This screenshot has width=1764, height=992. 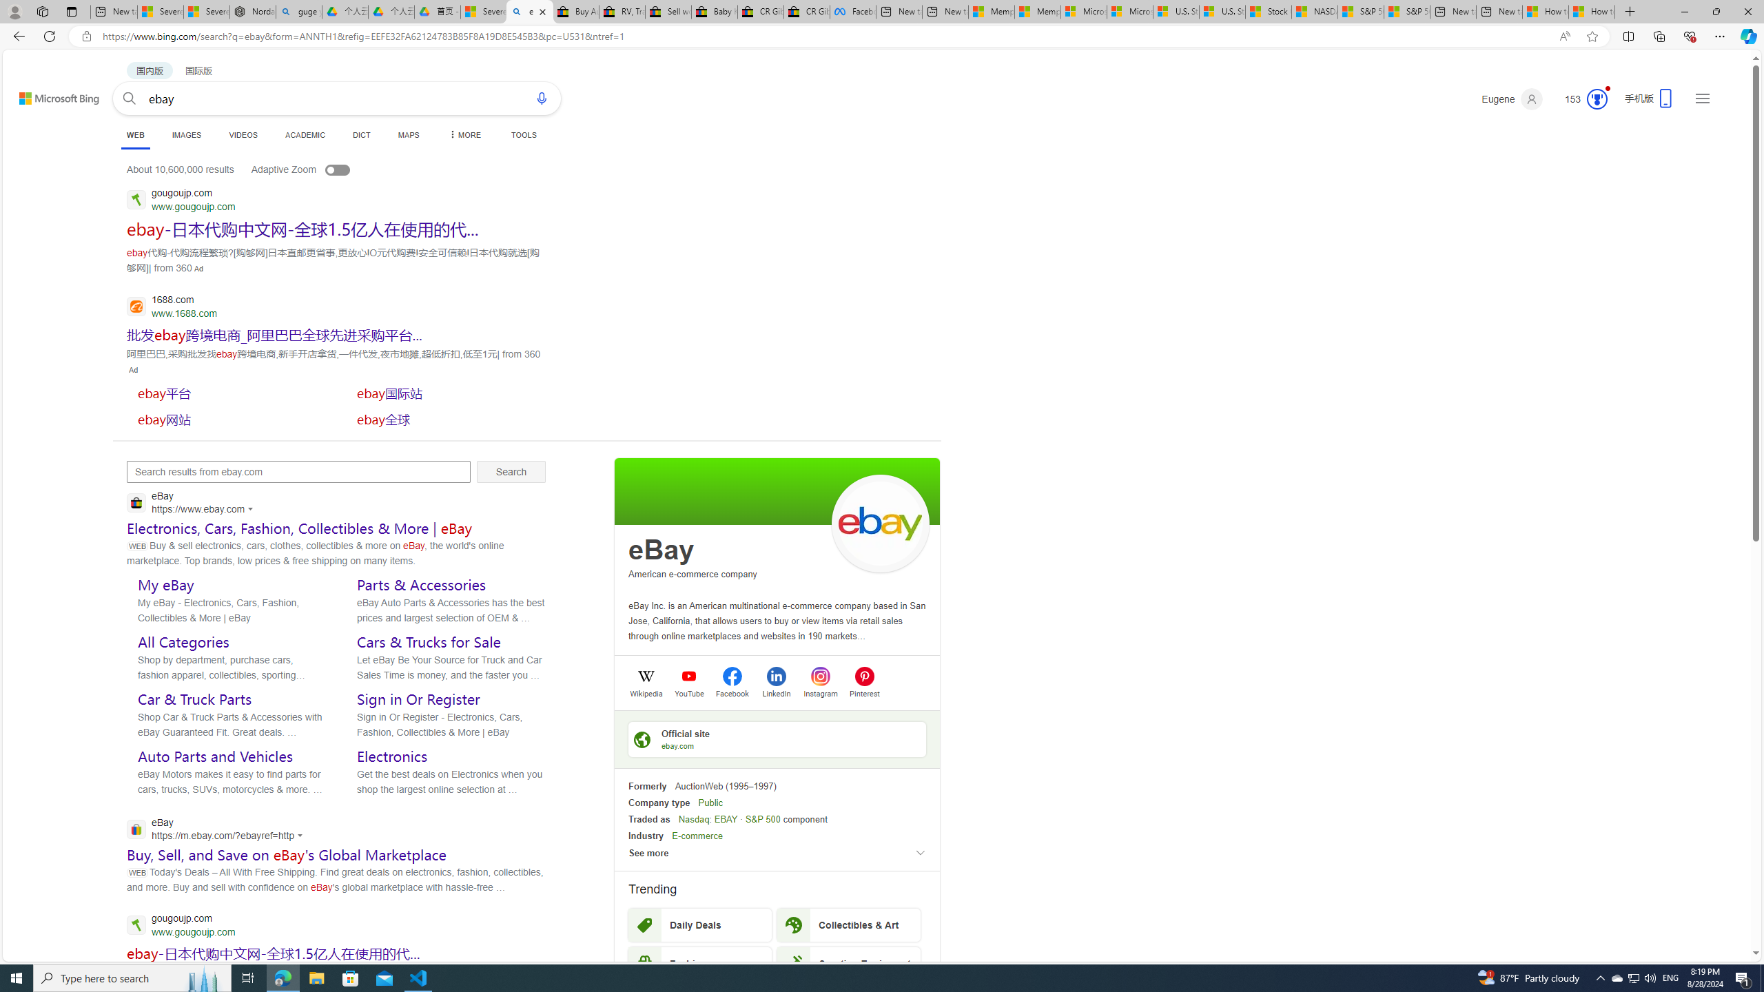 What do you see at coordinates (848, 924) in the screenshot?
I see `'Collectibles & Art'` at bounding box center [848, 924].